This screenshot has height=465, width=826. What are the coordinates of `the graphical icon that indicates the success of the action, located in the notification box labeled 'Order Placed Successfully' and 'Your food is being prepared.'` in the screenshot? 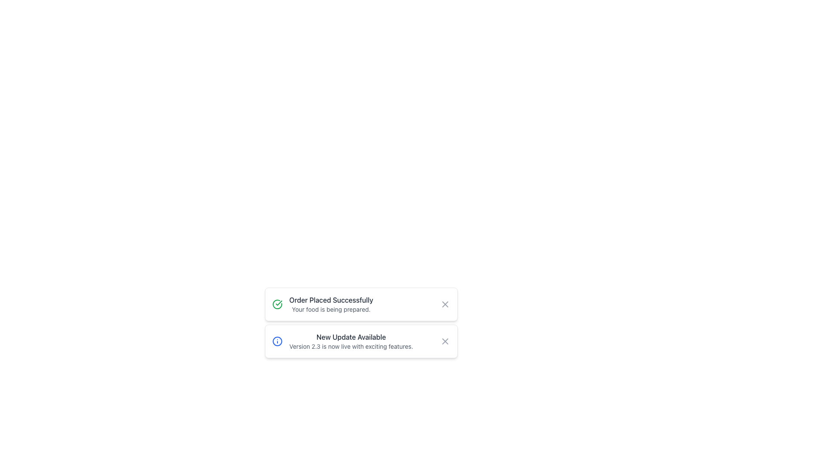 It's located at (277, 304).